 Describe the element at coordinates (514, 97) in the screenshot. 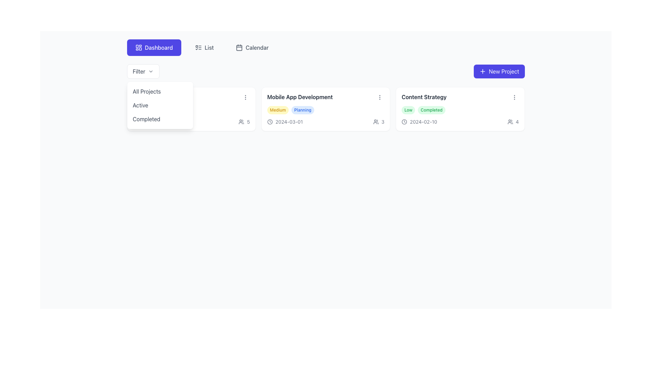

I see `the vertical ellipsis icon located at the top-right corner of the 'Content Strategy' card` at that location.